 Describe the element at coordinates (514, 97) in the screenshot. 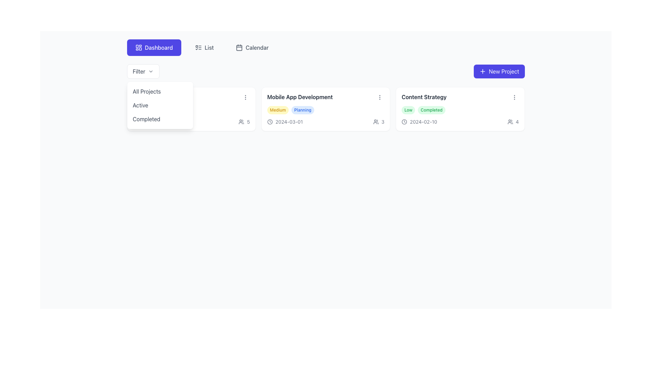

I see `the vertical ellipsis icon located at the top-right corner of the 'Content Strategy' card` at that location.